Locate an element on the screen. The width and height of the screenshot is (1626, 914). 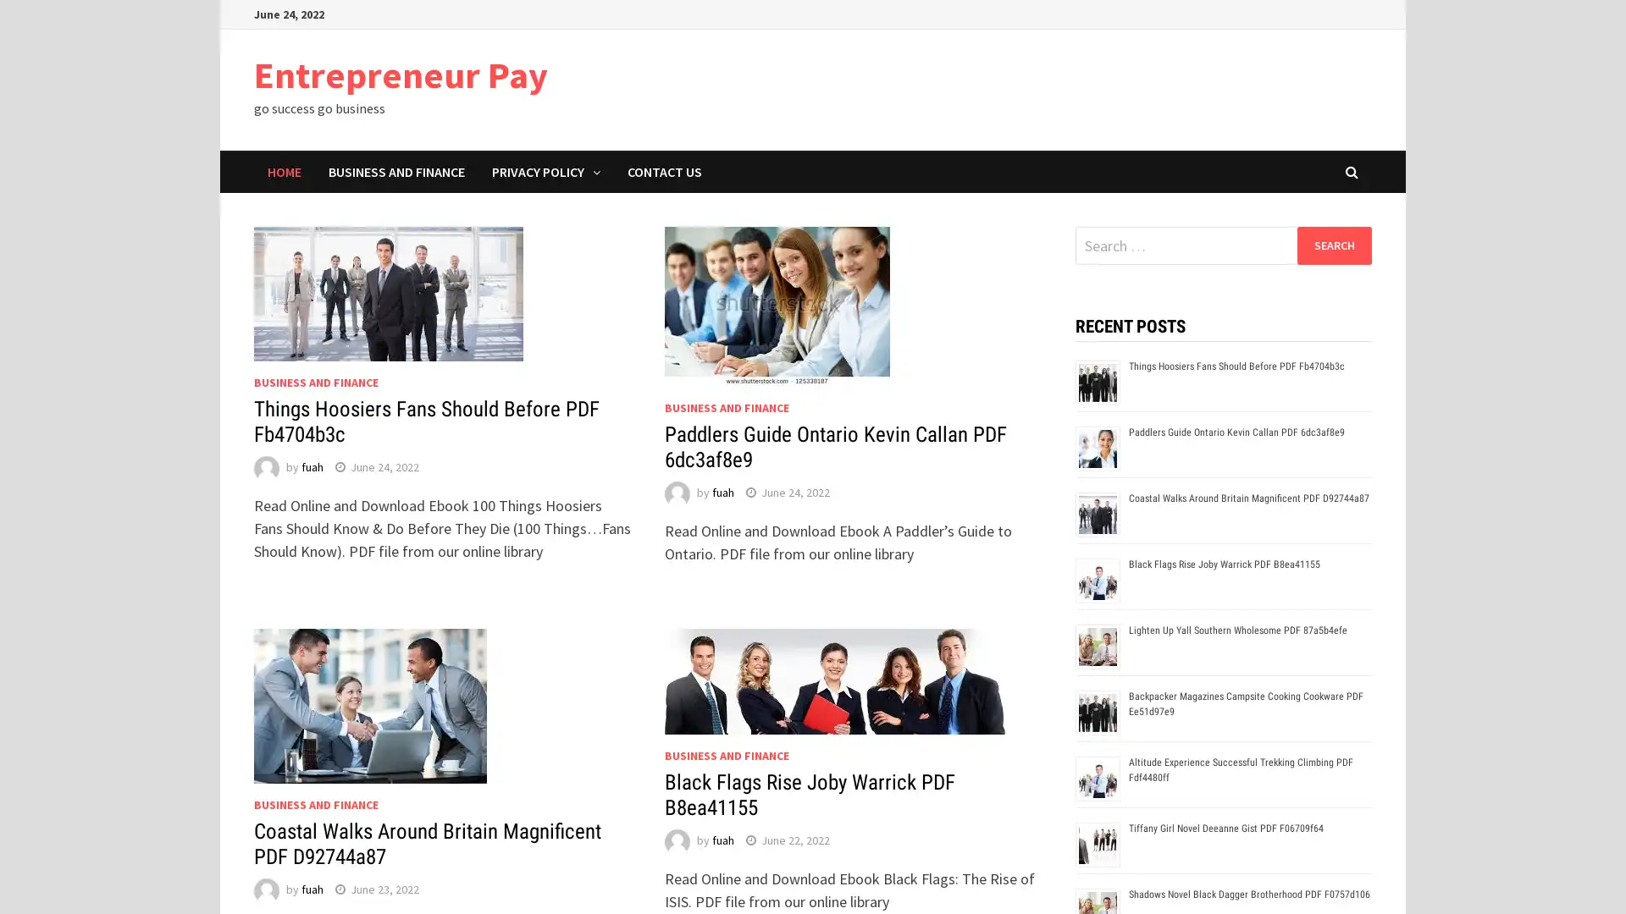
Search is located at coordinates (1333, 245).